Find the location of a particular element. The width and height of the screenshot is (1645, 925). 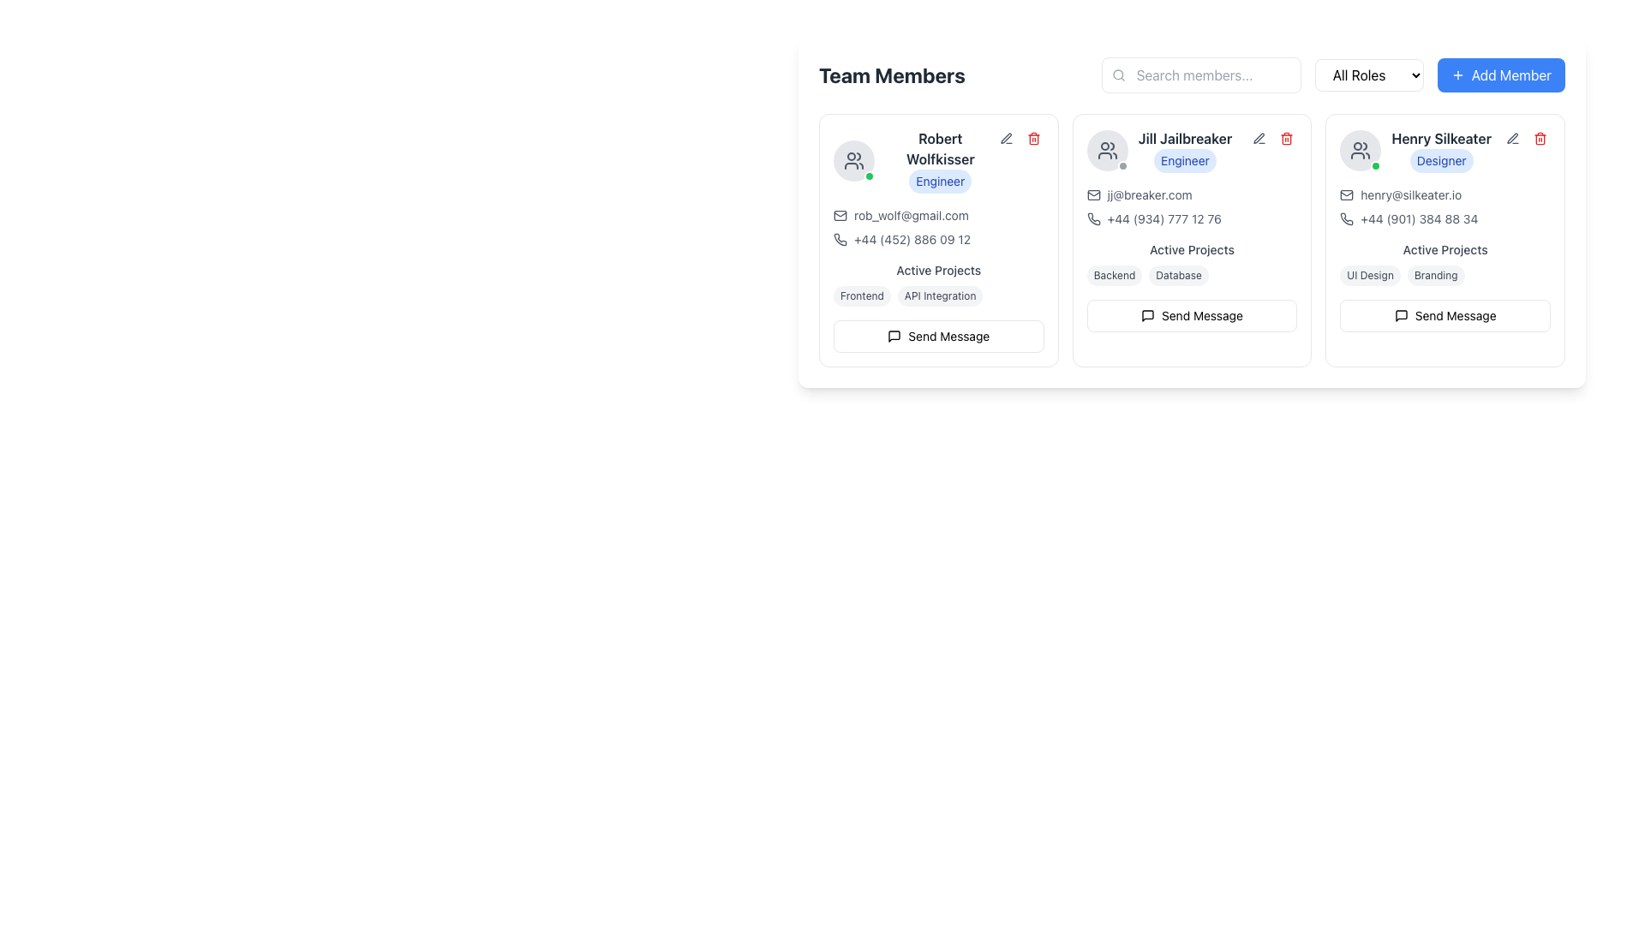

the Badge element indicating the role or title of the user, which is located beneath the name 'Henry Silkeater' and above the contact details block in the rightmost column of the team member card is located at coordinates (1440, 161).